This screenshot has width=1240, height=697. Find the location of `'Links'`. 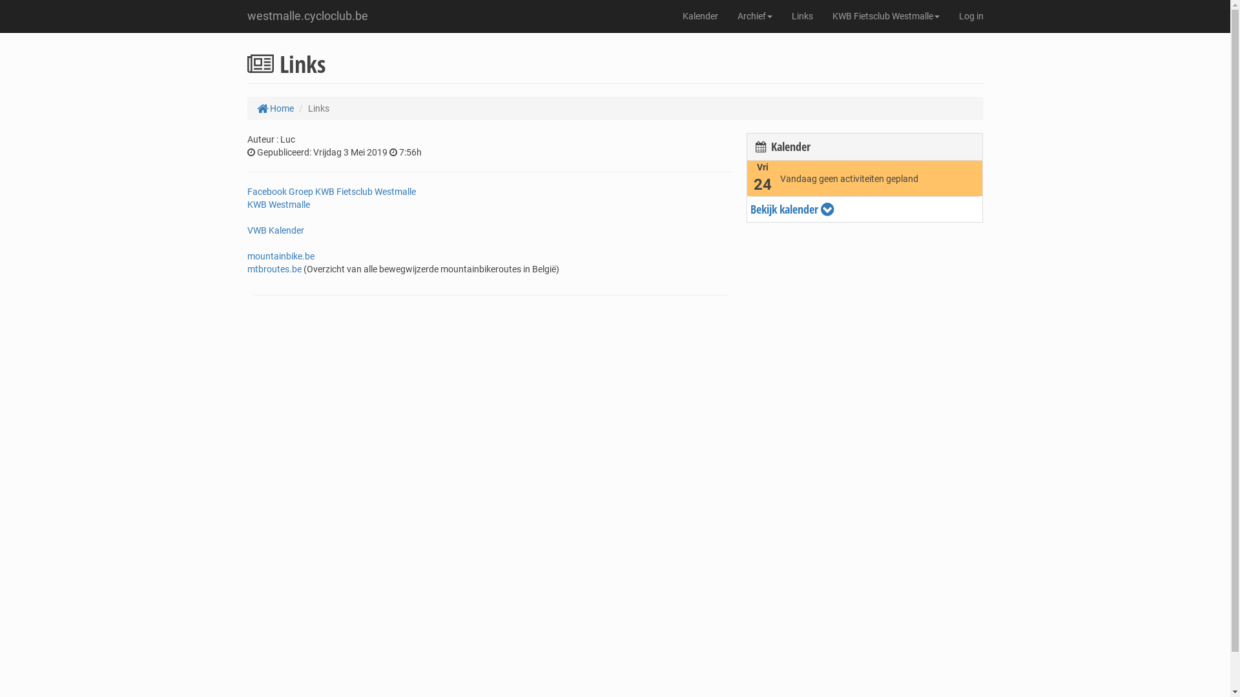

'Links' is located at coordinates (801, 15).